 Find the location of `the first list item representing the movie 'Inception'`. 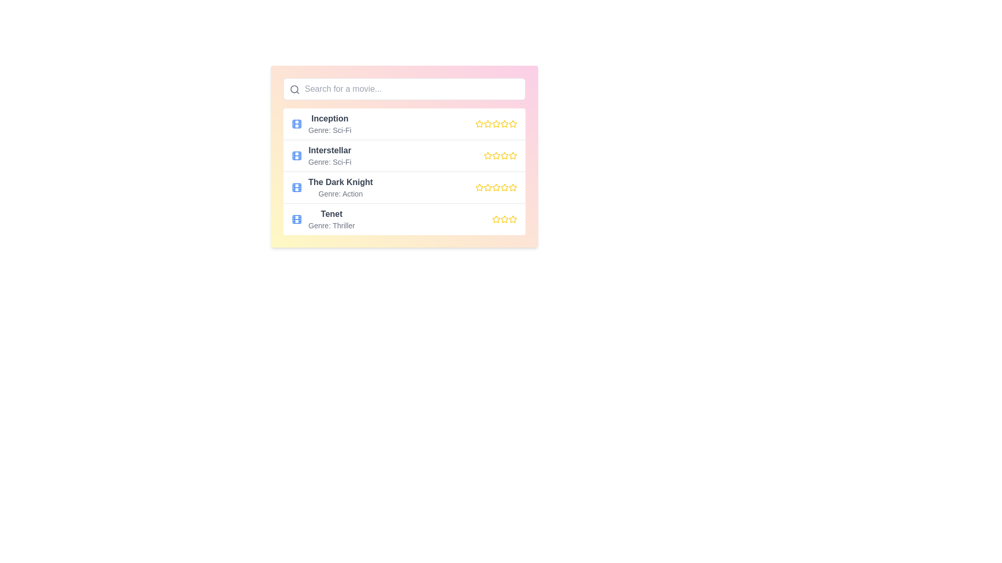

the first list item representing the movie 'Inception' is located at coordinates (321, 124).